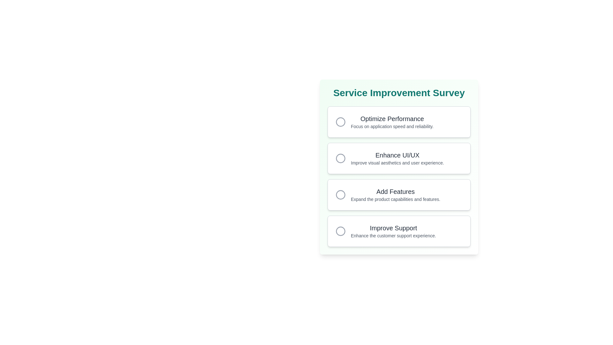  Describe the element at coordinates (392, 119) in the screenshot. I see `the text label displaying 'Optimize Performance', which is bolded and larger in size, located within the first selectable option of the 'Service Improvement Survey'` at that location.